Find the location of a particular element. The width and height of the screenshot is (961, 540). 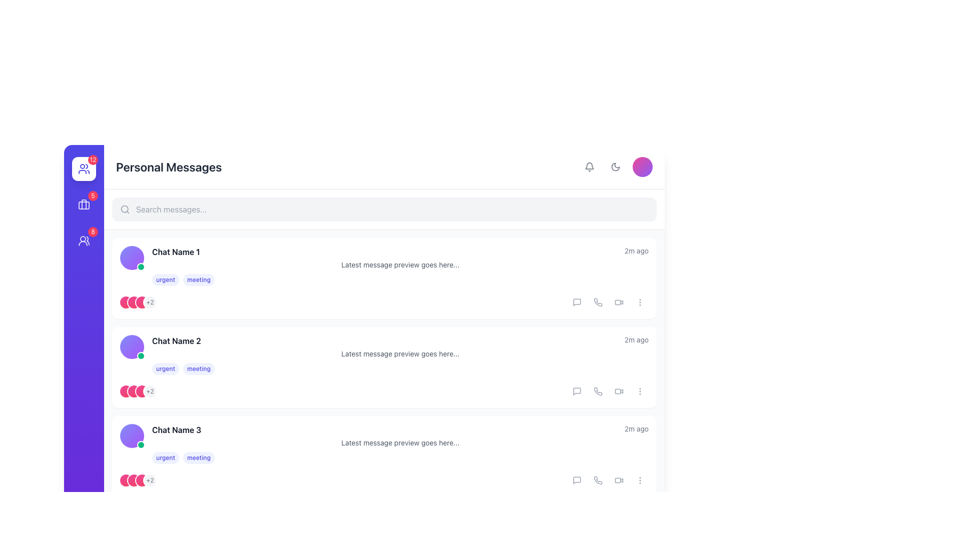

the vertical ellipsis icon, which consists of three vertically aligned dots, located in the interactive area at the far right of the second item in a vertical list is located at coordinates (639, 302).